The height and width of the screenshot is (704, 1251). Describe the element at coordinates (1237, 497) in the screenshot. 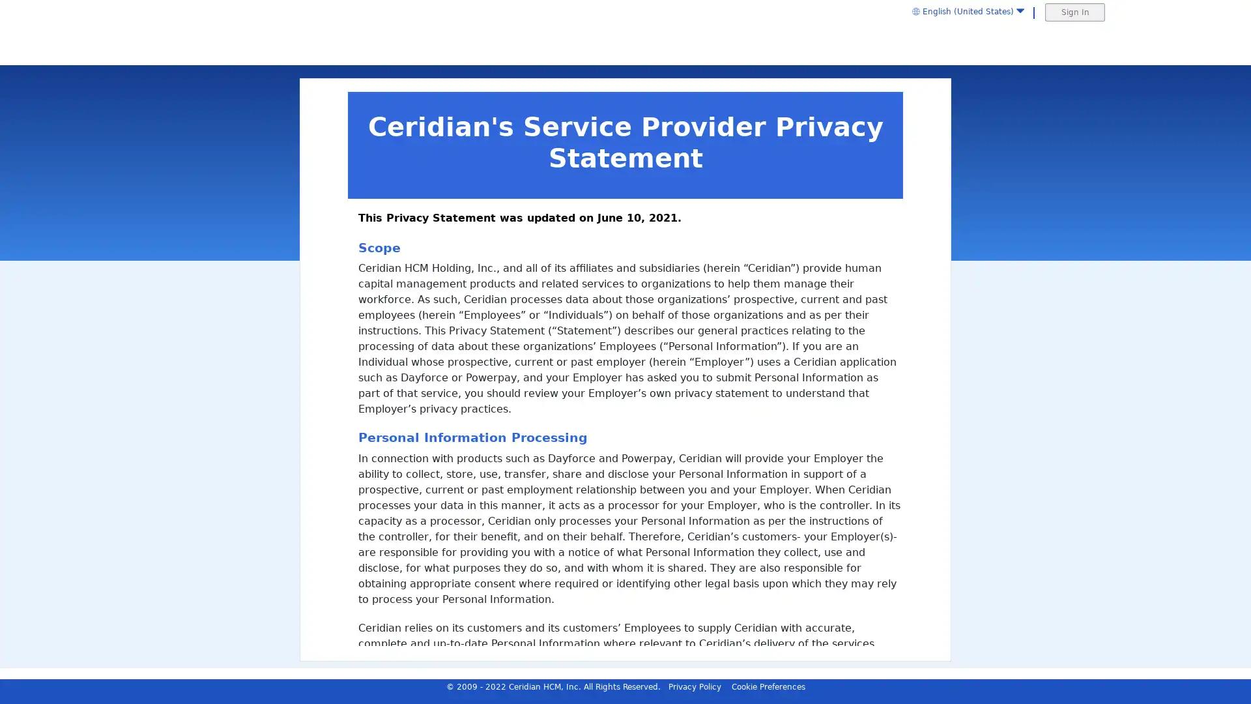

I see `Cancel` at that location.